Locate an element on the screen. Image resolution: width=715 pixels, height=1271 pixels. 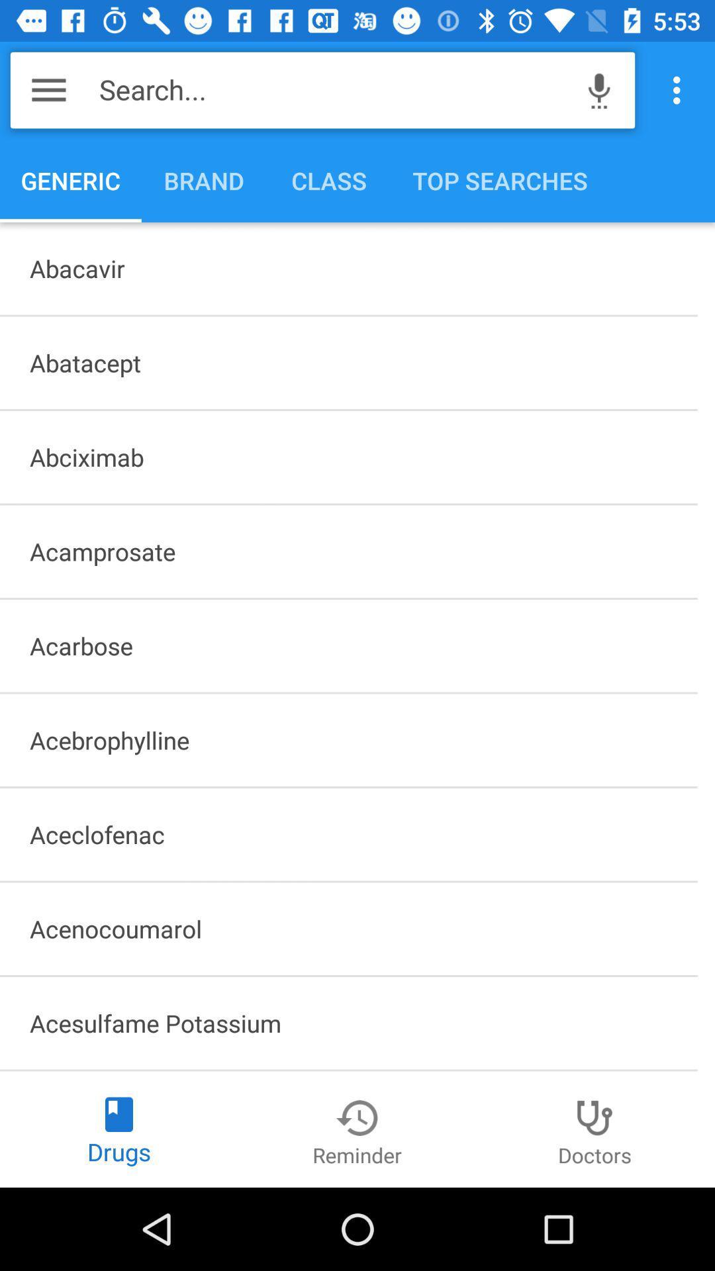
item below acenocoumarol icon is located at coordinates (348, 1022).